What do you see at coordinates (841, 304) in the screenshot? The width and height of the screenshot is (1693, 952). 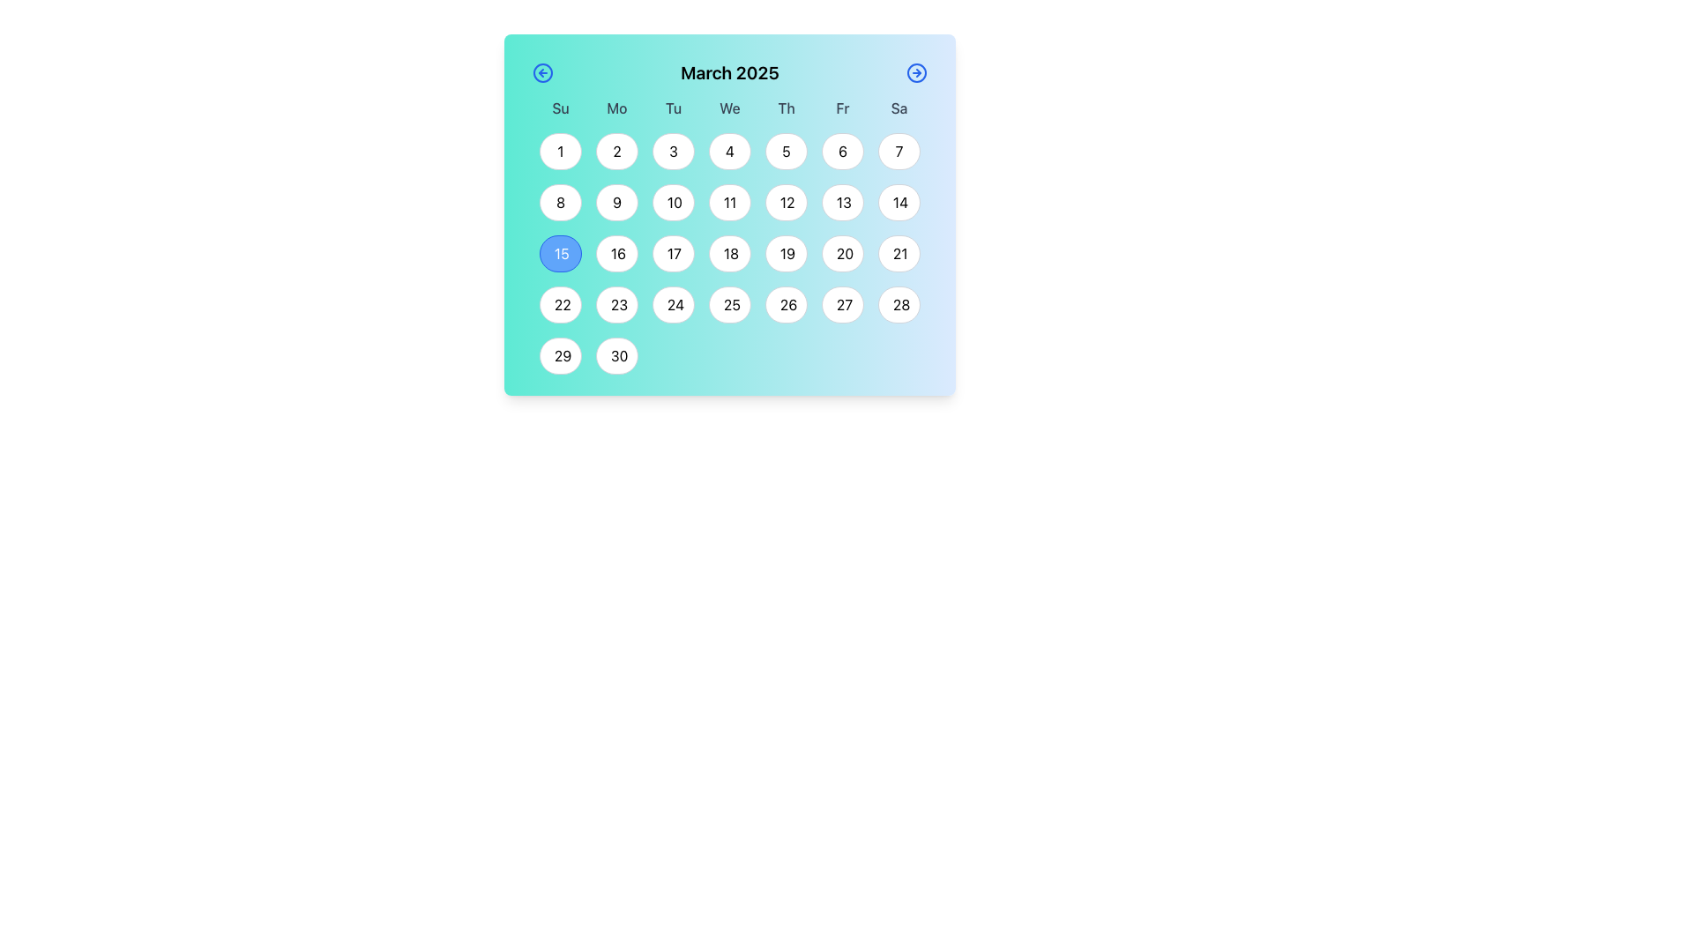 I see `the small circular button labeled '27' in the calendar grid` at bounding box center [841, 304].